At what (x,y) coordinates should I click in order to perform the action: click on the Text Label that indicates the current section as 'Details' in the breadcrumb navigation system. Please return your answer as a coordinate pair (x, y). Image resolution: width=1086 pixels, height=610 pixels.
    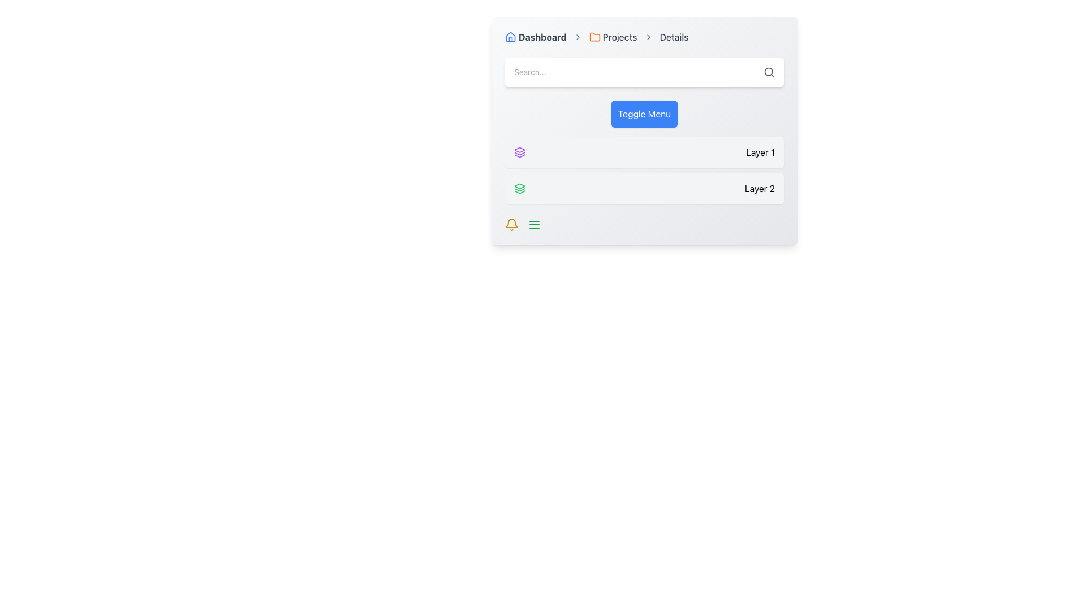
    Looking at the image, I should click on (674, 36).